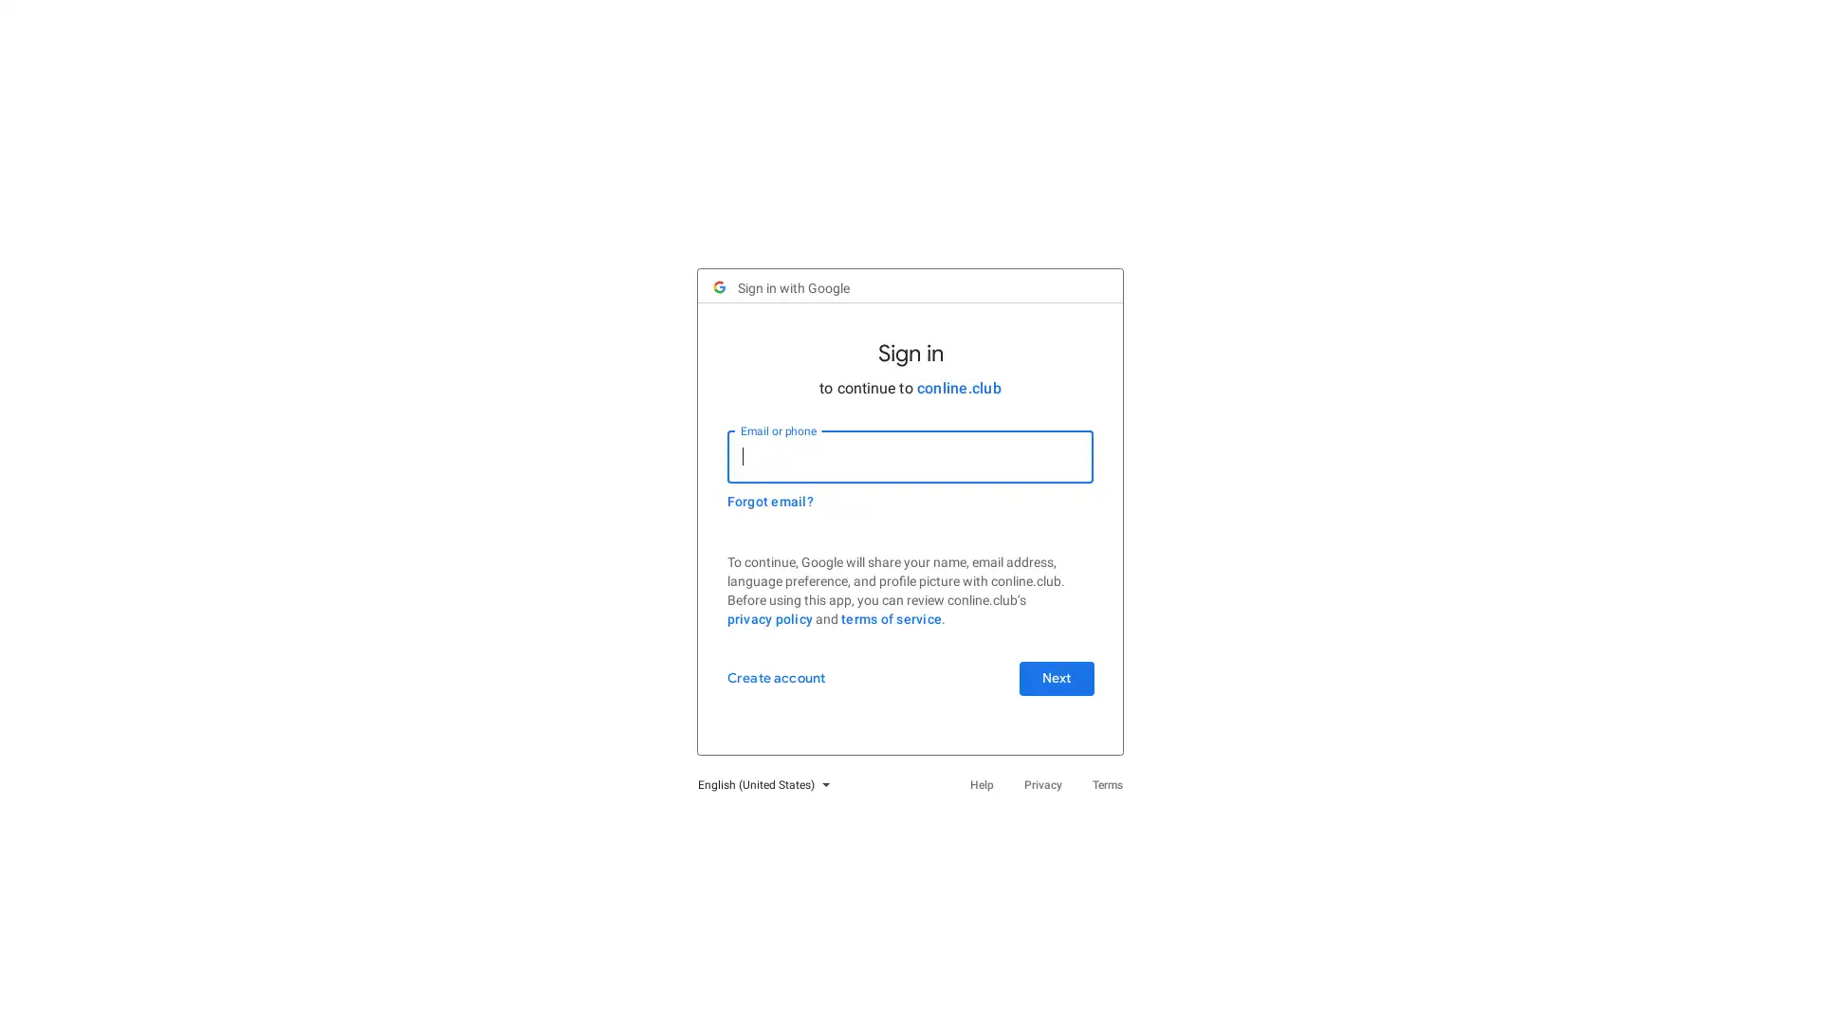 The height and width of the screenshot is (1024, 1821). What do you see at coordinates (1046, 685) in the screenshot?
I see `Next` at bounding box center [1046, 685].